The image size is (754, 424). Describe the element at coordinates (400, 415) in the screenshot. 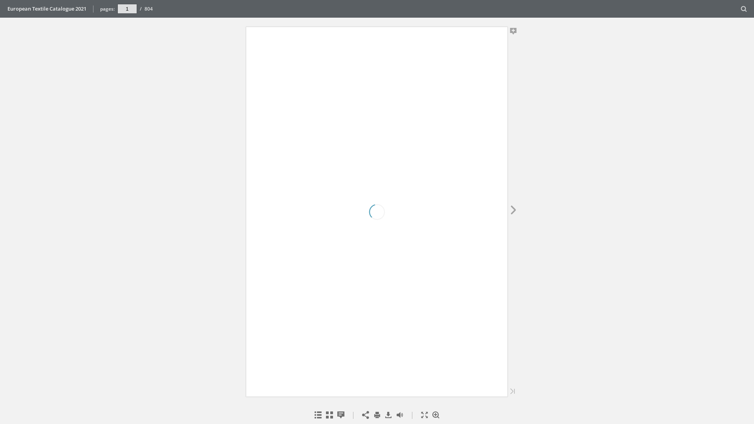

I see `'Toggle Sound'` at that location.